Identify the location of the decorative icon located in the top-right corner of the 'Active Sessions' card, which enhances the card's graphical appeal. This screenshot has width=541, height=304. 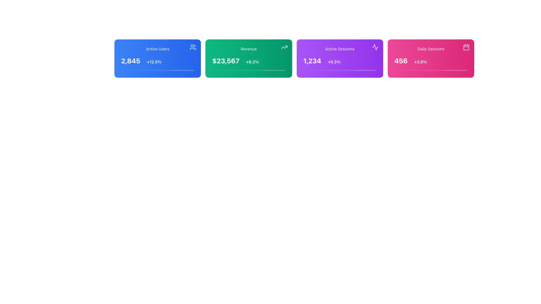
(375, 47).